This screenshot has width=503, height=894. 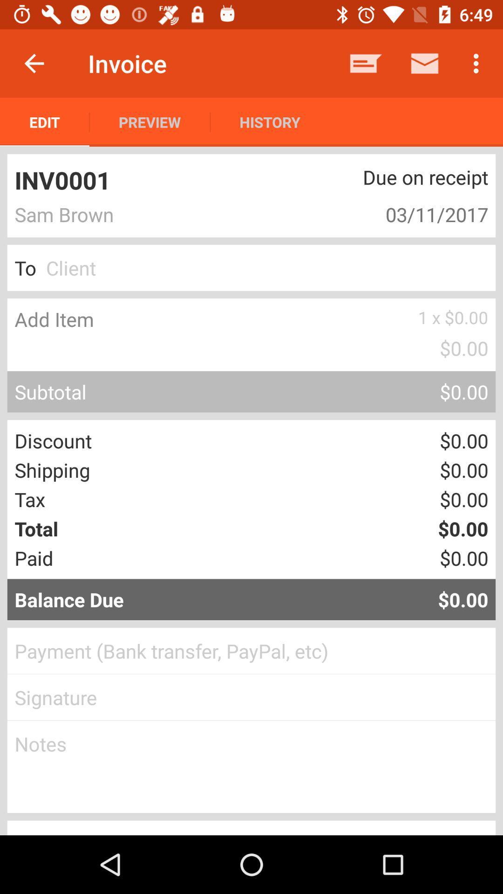 I want to click on a note to the invoice, so click(x=251, y=766).